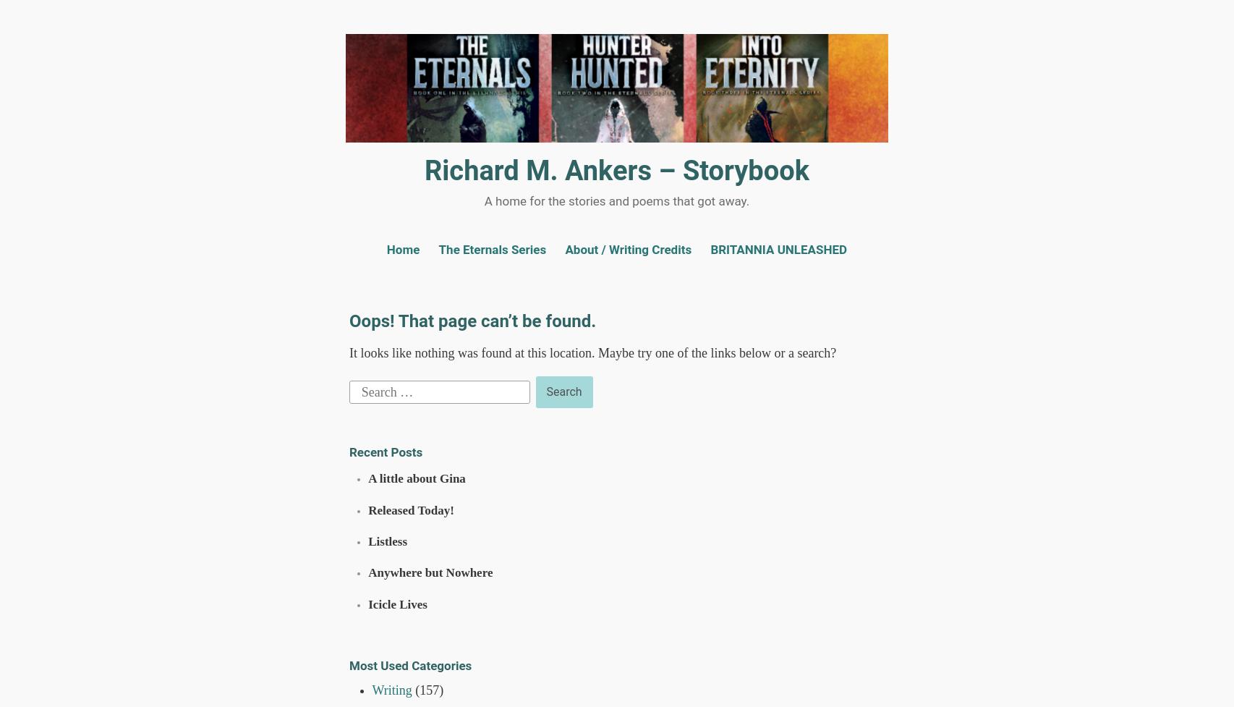  What do you see at coordinates (410, 690) in the screenshot?
I see `'(157)'` at bounding box center [410, 690].